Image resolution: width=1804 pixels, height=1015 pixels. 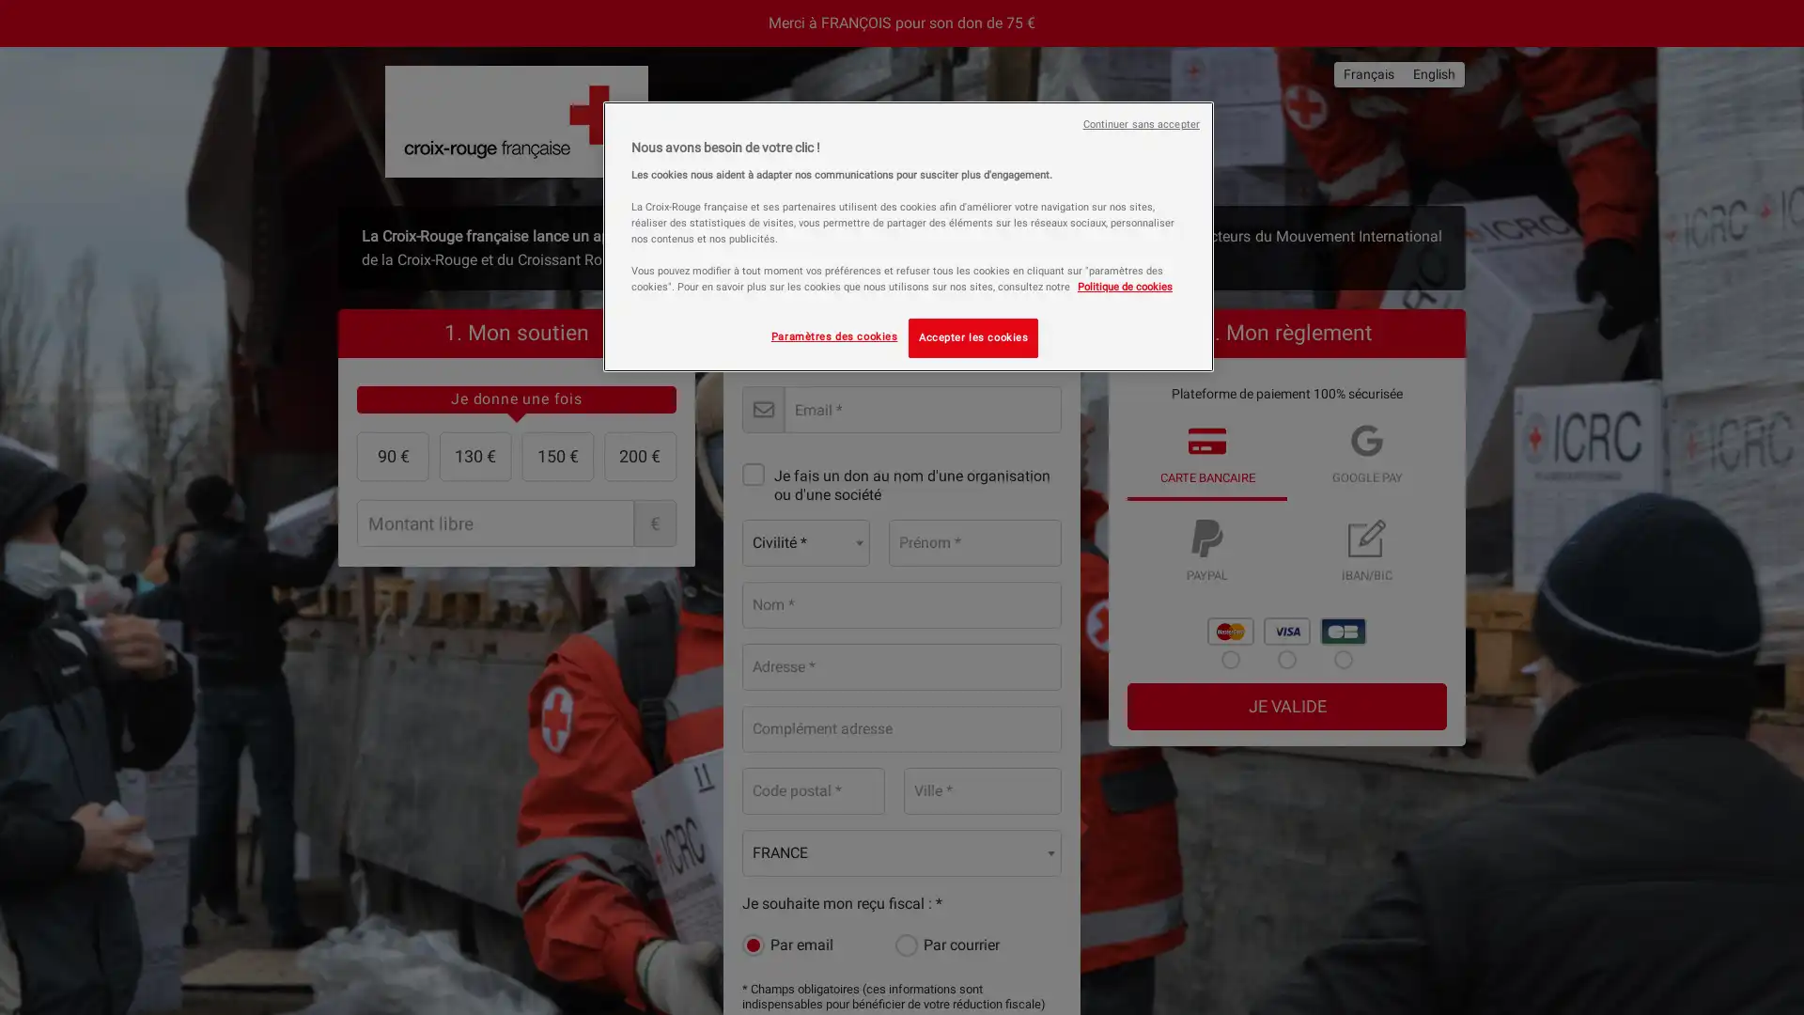 I want to click on Accepter les cookies, so click(x=973, y=336).